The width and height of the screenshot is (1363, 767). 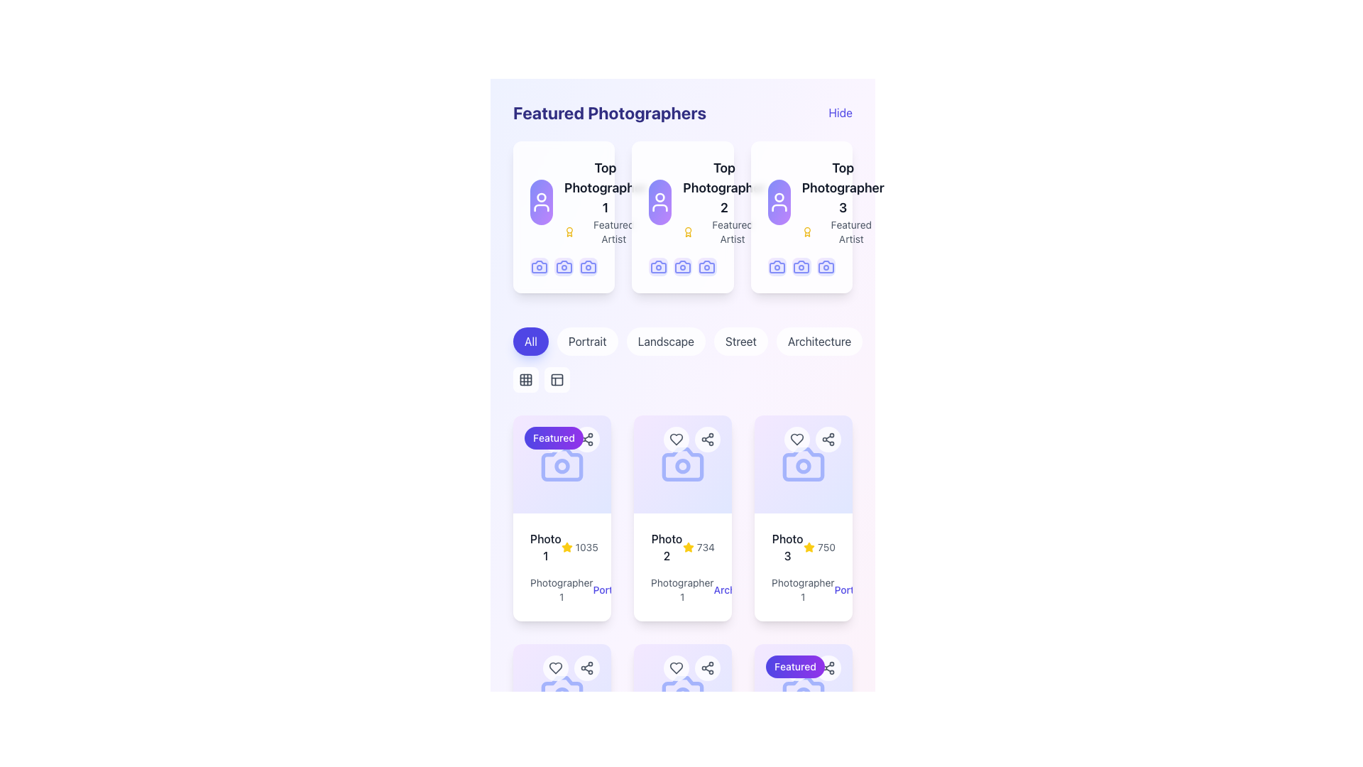 I want to click on numeric indicator text located to the right of the star icon in the bottom portion of the 'Photo 3' card in the third column of the grid layout, so click(x=826, y=547).